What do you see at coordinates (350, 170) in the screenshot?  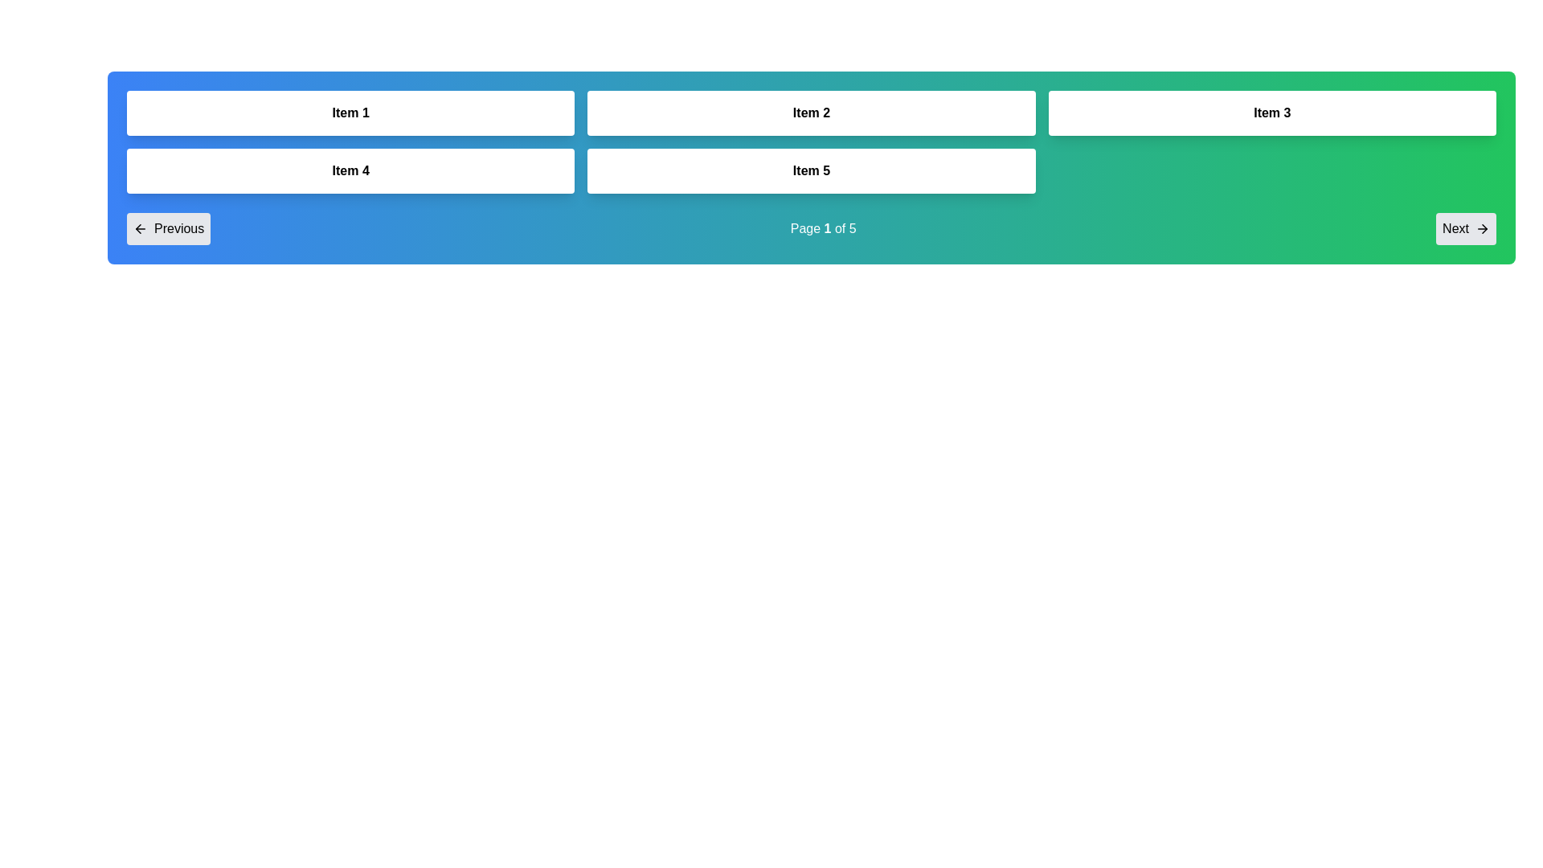 I see `the text element displaying 'Item 4' in bold within a white rectangular box with rounded corners, located in the second row of the grid layout, between 'Item 1' and 'Item 5'` at bounding box center [350, 170].